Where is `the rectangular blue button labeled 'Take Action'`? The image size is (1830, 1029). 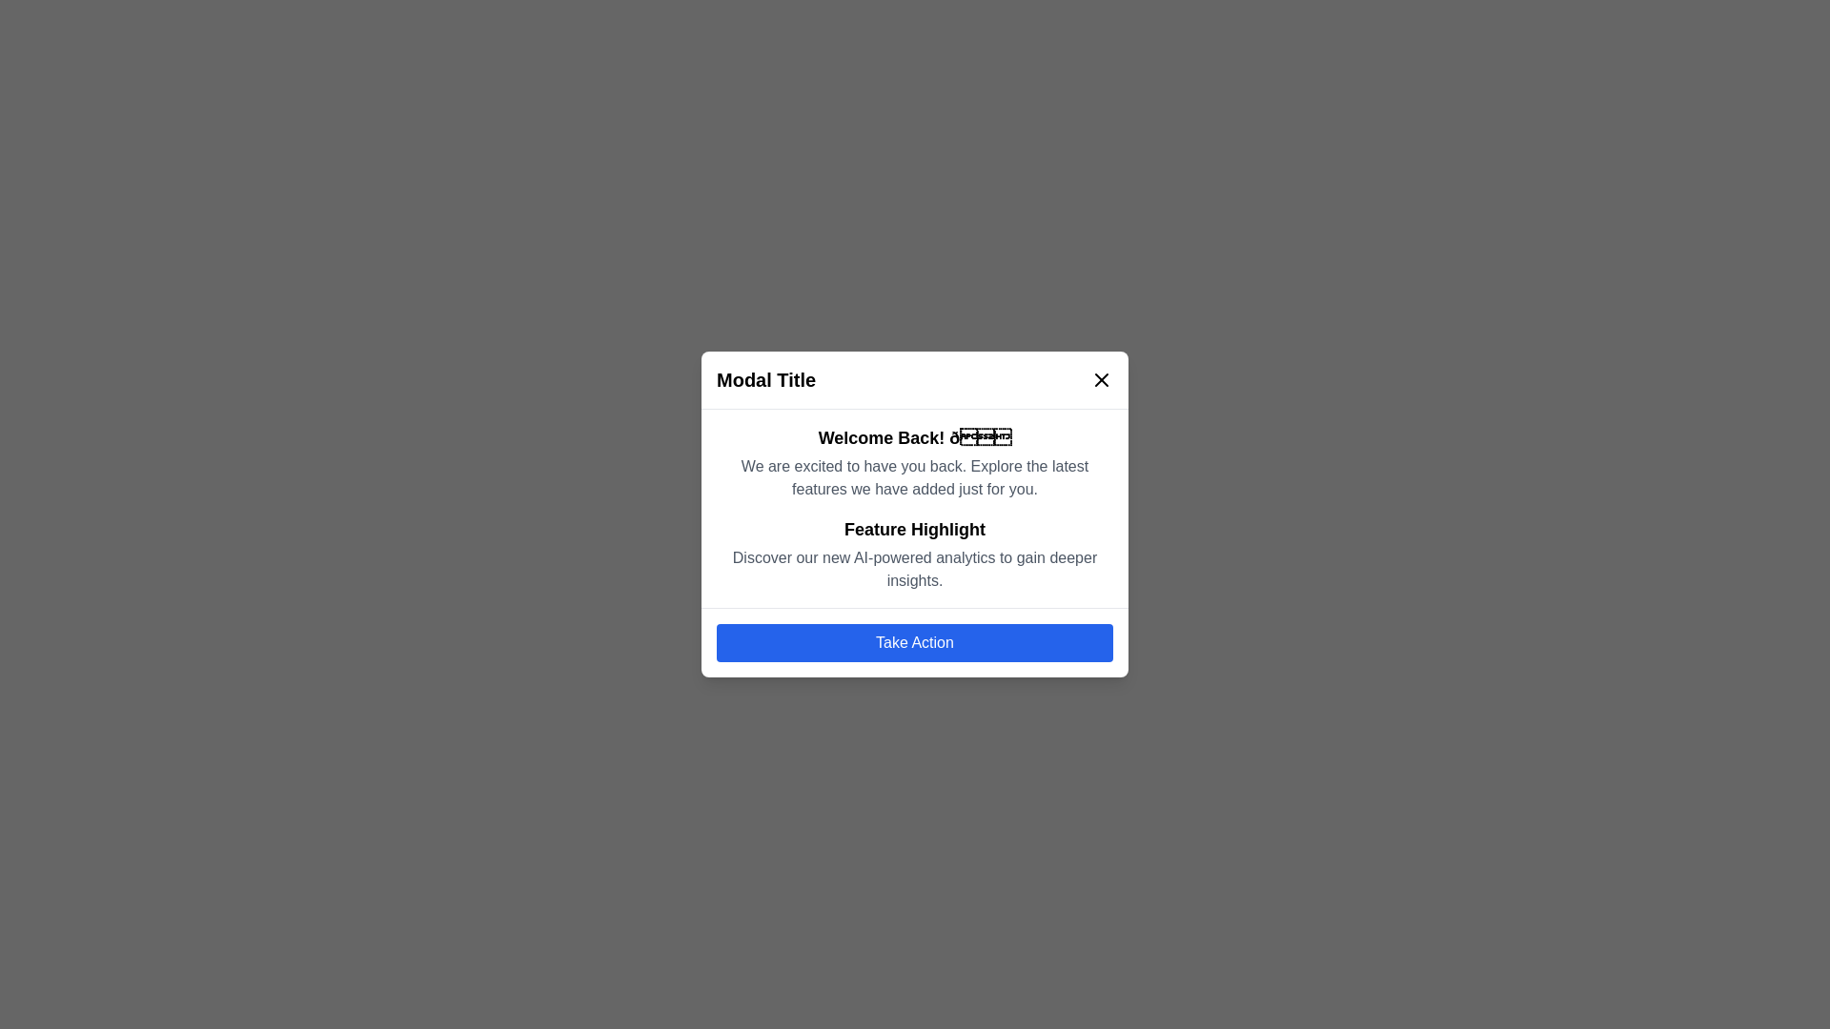 the rectangular blue button labeled 'Take Action' is located at coordinates (915, 643).